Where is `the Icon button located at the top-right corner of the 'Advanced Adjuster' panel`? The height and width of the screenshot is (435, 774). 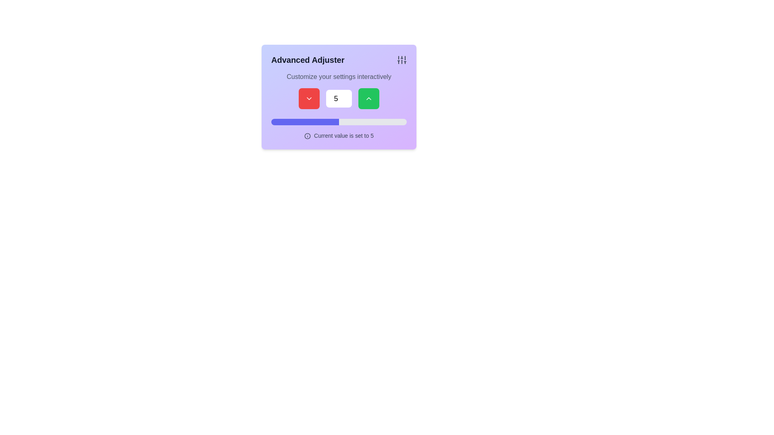 the Icon button located at the top-right corner of the 'Advanced Adjuster' panel is located at coordinates (402, 60).